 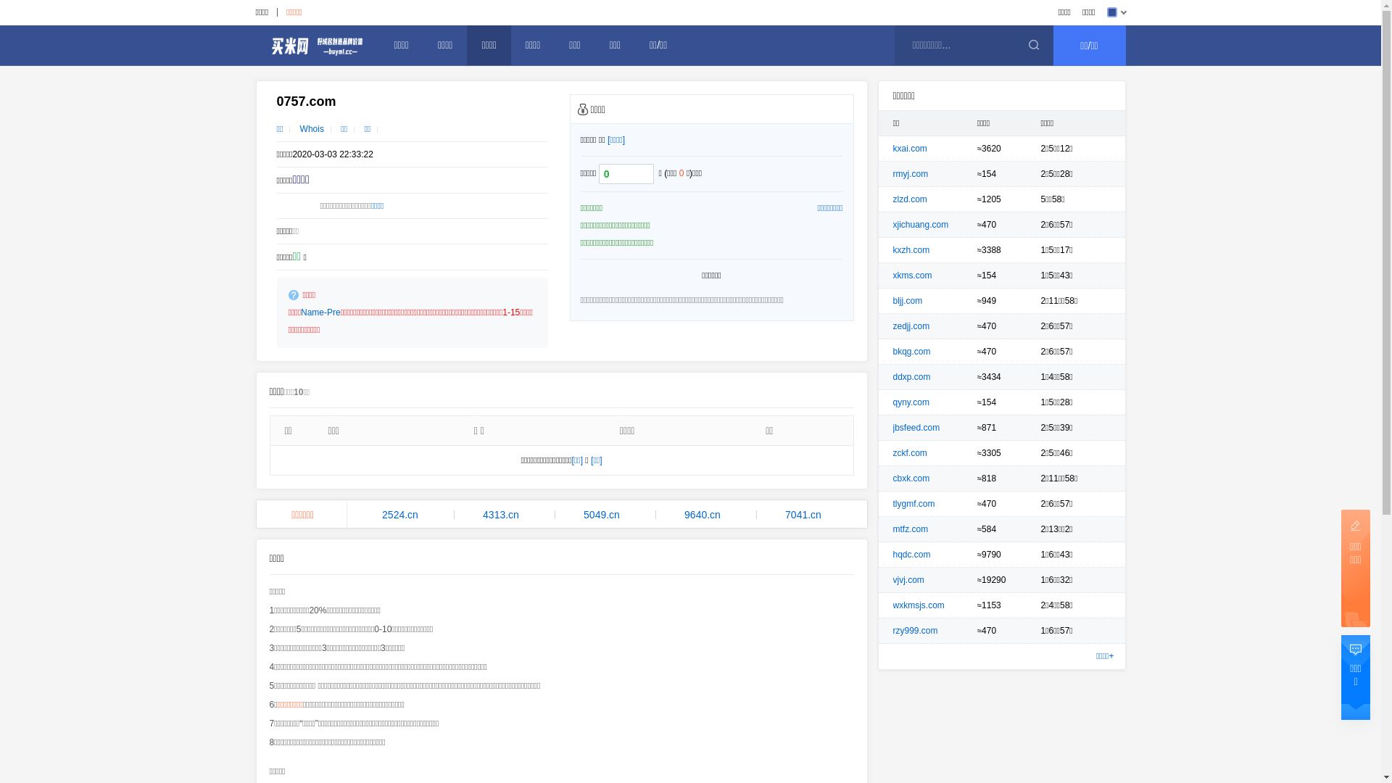 I want to click on '2524.cn', so click(x=399, y=513).